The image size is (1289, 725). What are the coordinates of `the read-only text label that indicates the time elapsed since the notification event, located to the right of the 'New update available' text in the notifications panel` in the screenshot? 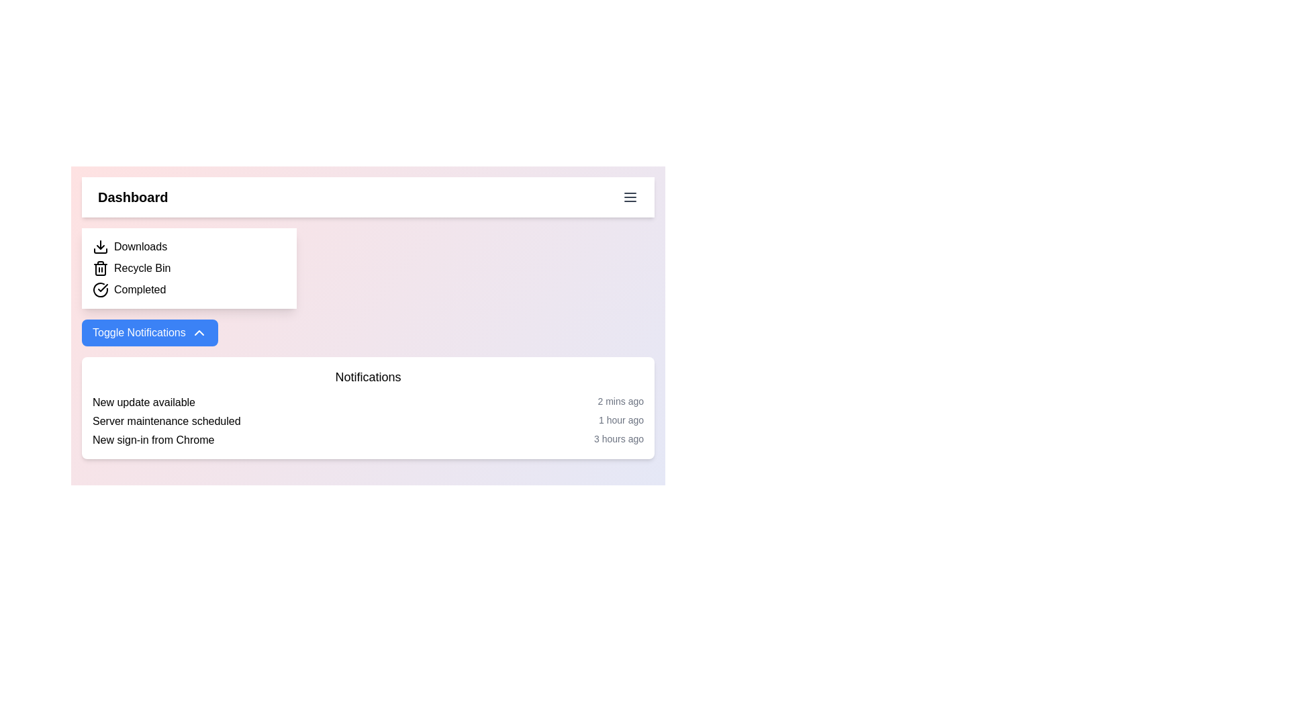 It's located at (620, 402).